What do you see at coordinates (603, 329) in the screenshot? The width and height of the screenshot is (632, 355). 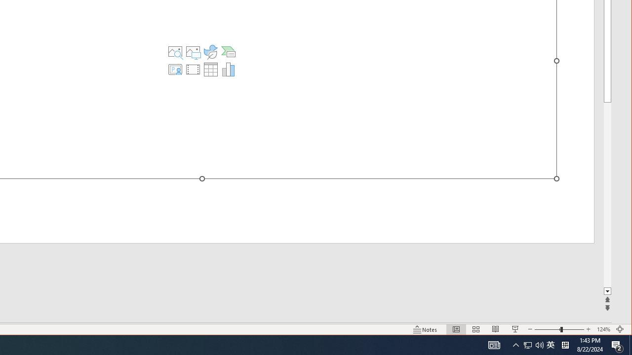 I see `'Zoom 124%'` at bounding box center [603, 329].